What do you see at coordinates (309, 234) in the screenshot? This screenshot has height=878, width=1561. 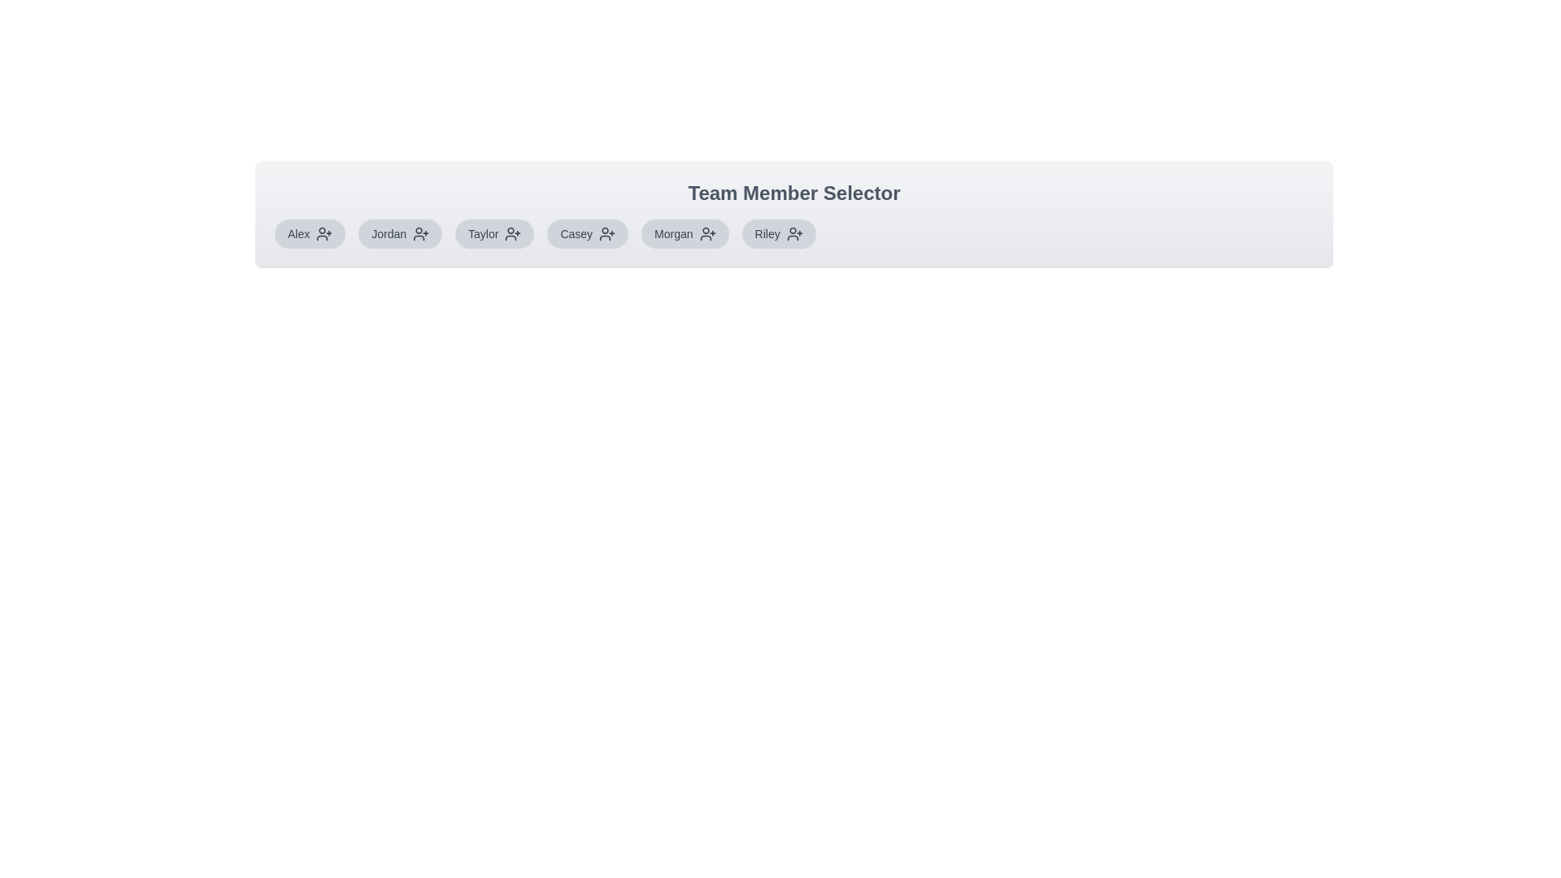 I see `the team member Alex to observe hover styles` at bounding box center [309, 234].